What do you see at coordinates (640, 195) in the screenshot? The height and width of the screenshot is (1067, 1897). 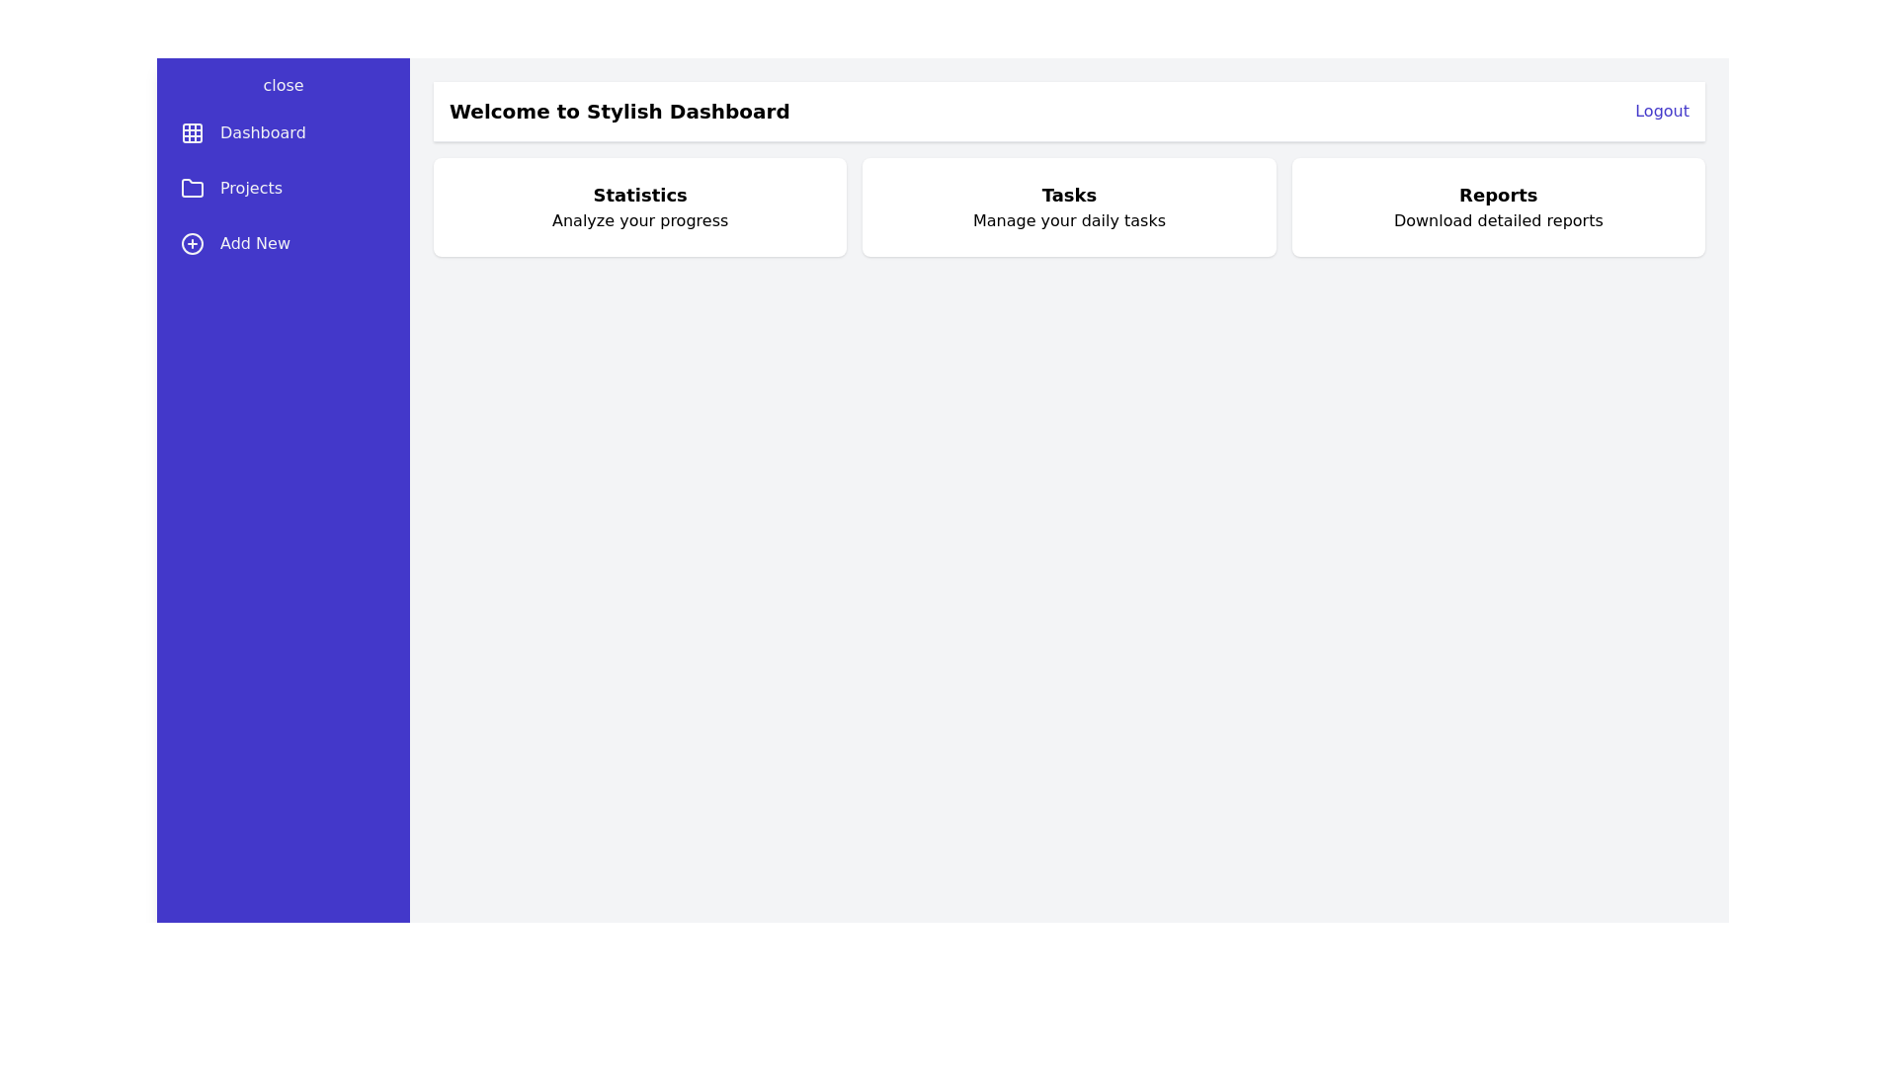 I see `heading text that serves as a title for the section, providing context about the functionalities under 'Statistics'` at bounding box center [640, 195].